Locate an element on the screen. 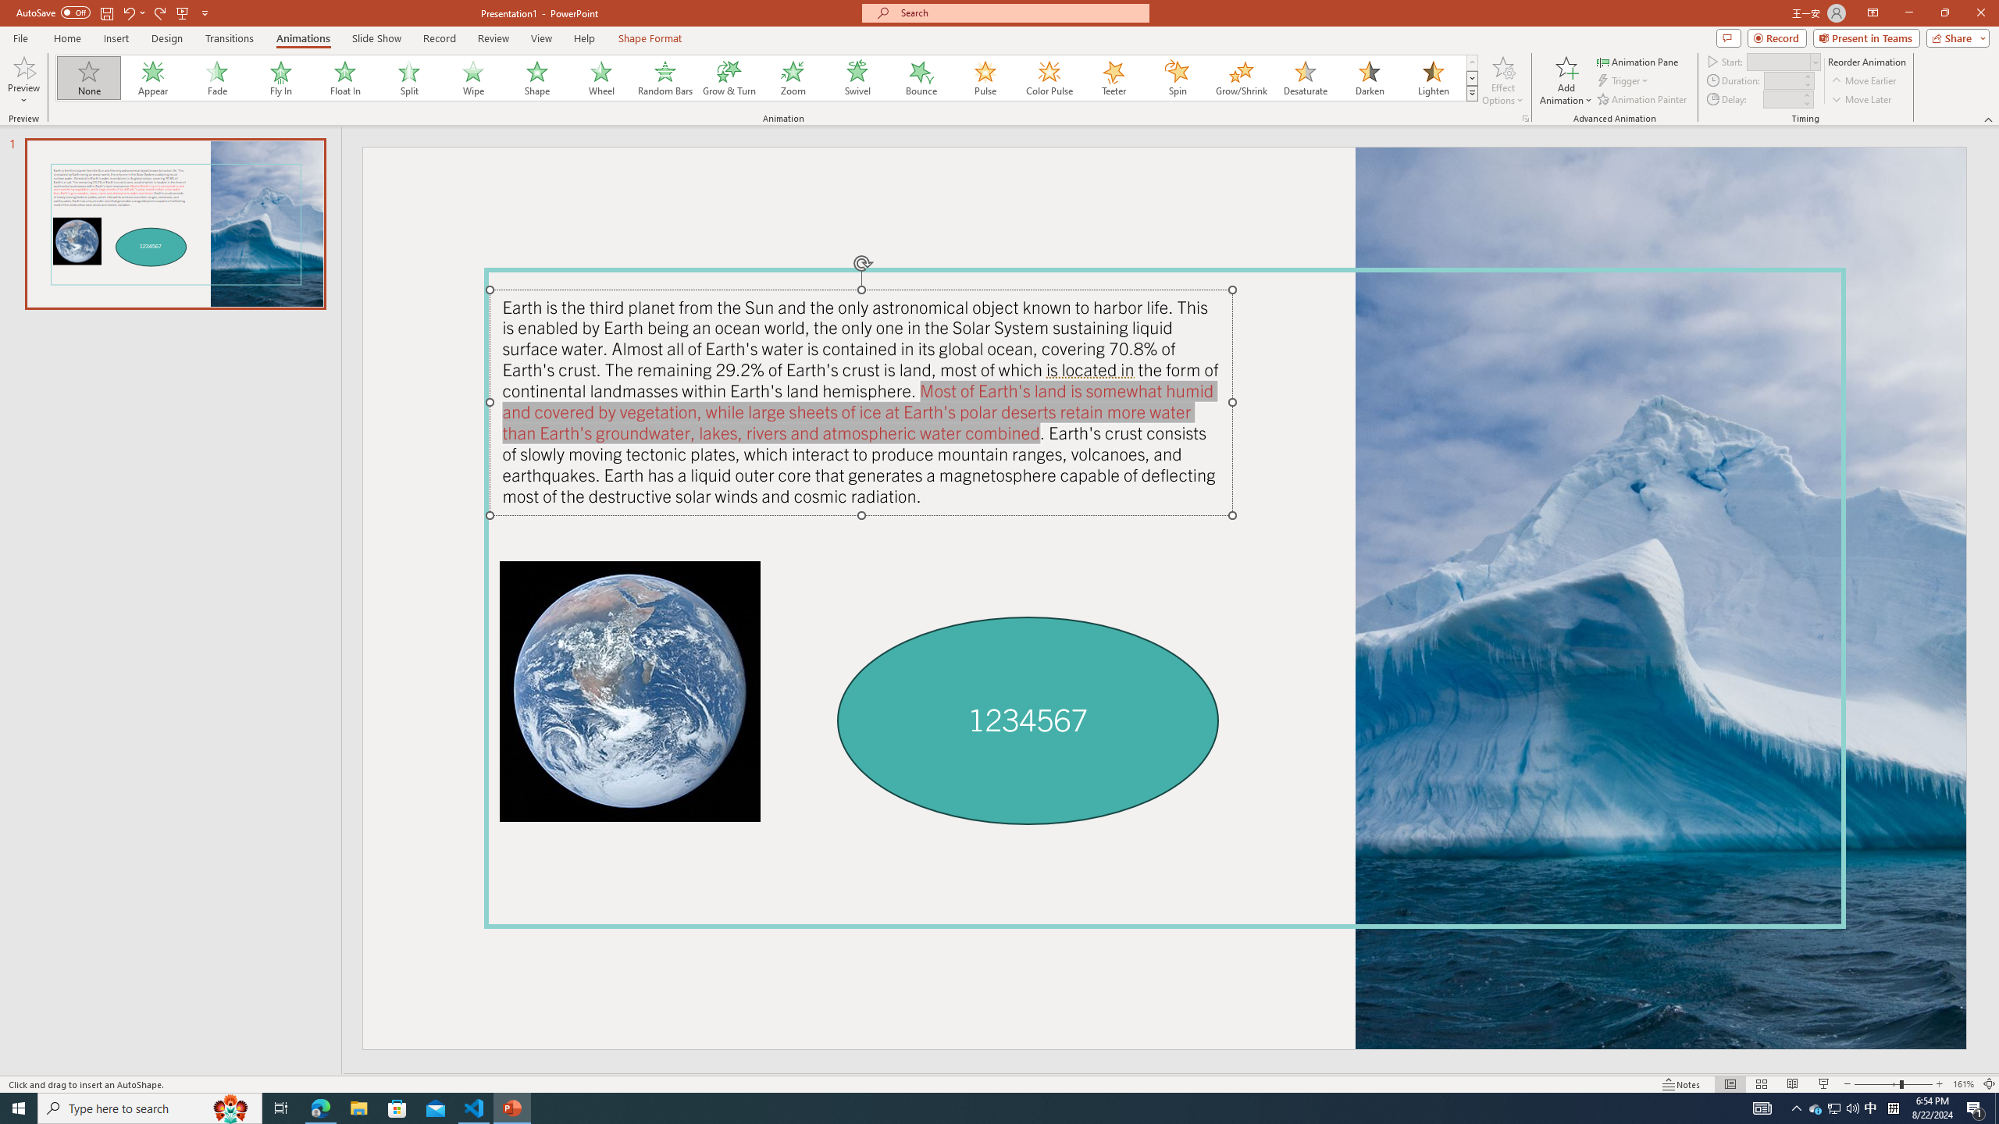  'Pulse' is located at coordinates (985, 77).